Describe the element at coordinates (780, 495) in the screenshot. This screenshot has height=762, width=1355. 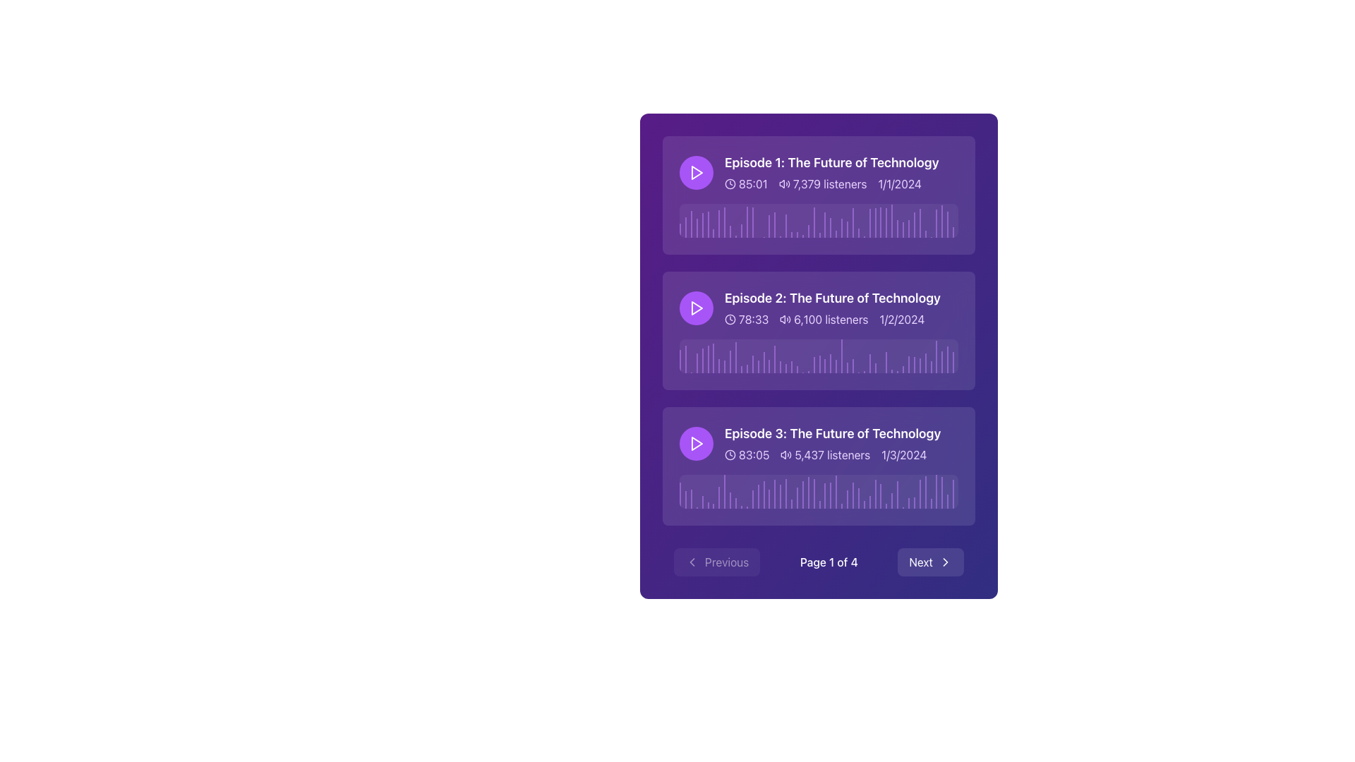
I see `the vertical thin purple decorative bar within the waveform of the third podcast episode card, which is the 19th segment from the left` at that location.